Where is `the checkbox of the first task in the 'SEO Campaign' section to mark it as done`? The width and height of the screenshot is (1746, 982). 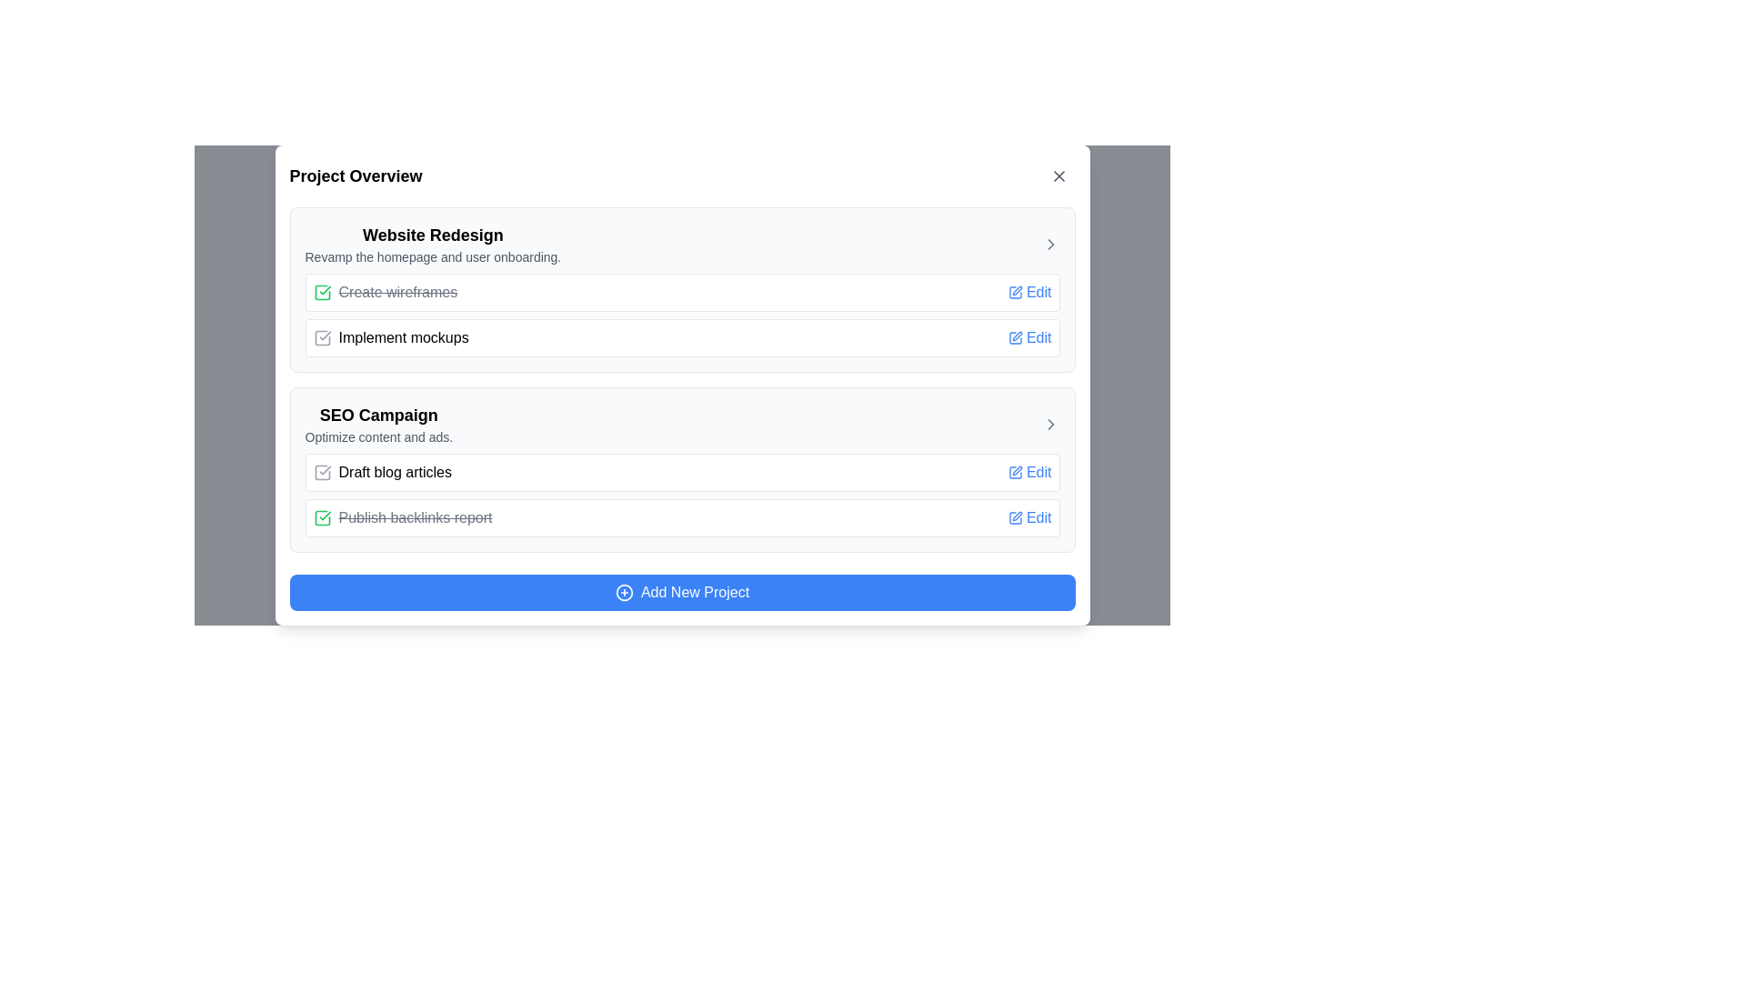 the checkbox of the first task in the 'SEO Campaign' section to mark it as done is located at coordinates (681, 495).